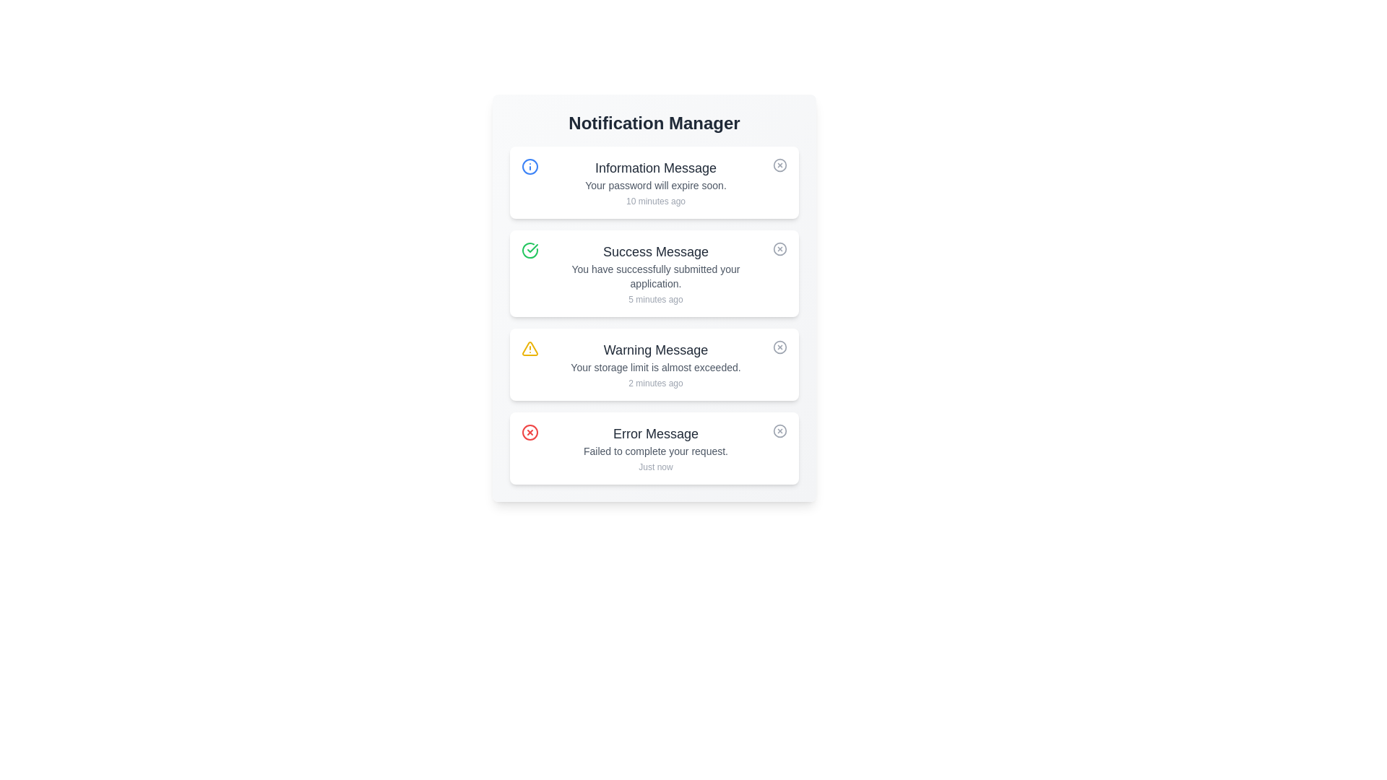  What do you see at coordinates (654, 122) in the screenshot?
I see `prominent static text label displaying 'Notification Manager' located at the top center of the notification list` at bounding box center [654, 122].